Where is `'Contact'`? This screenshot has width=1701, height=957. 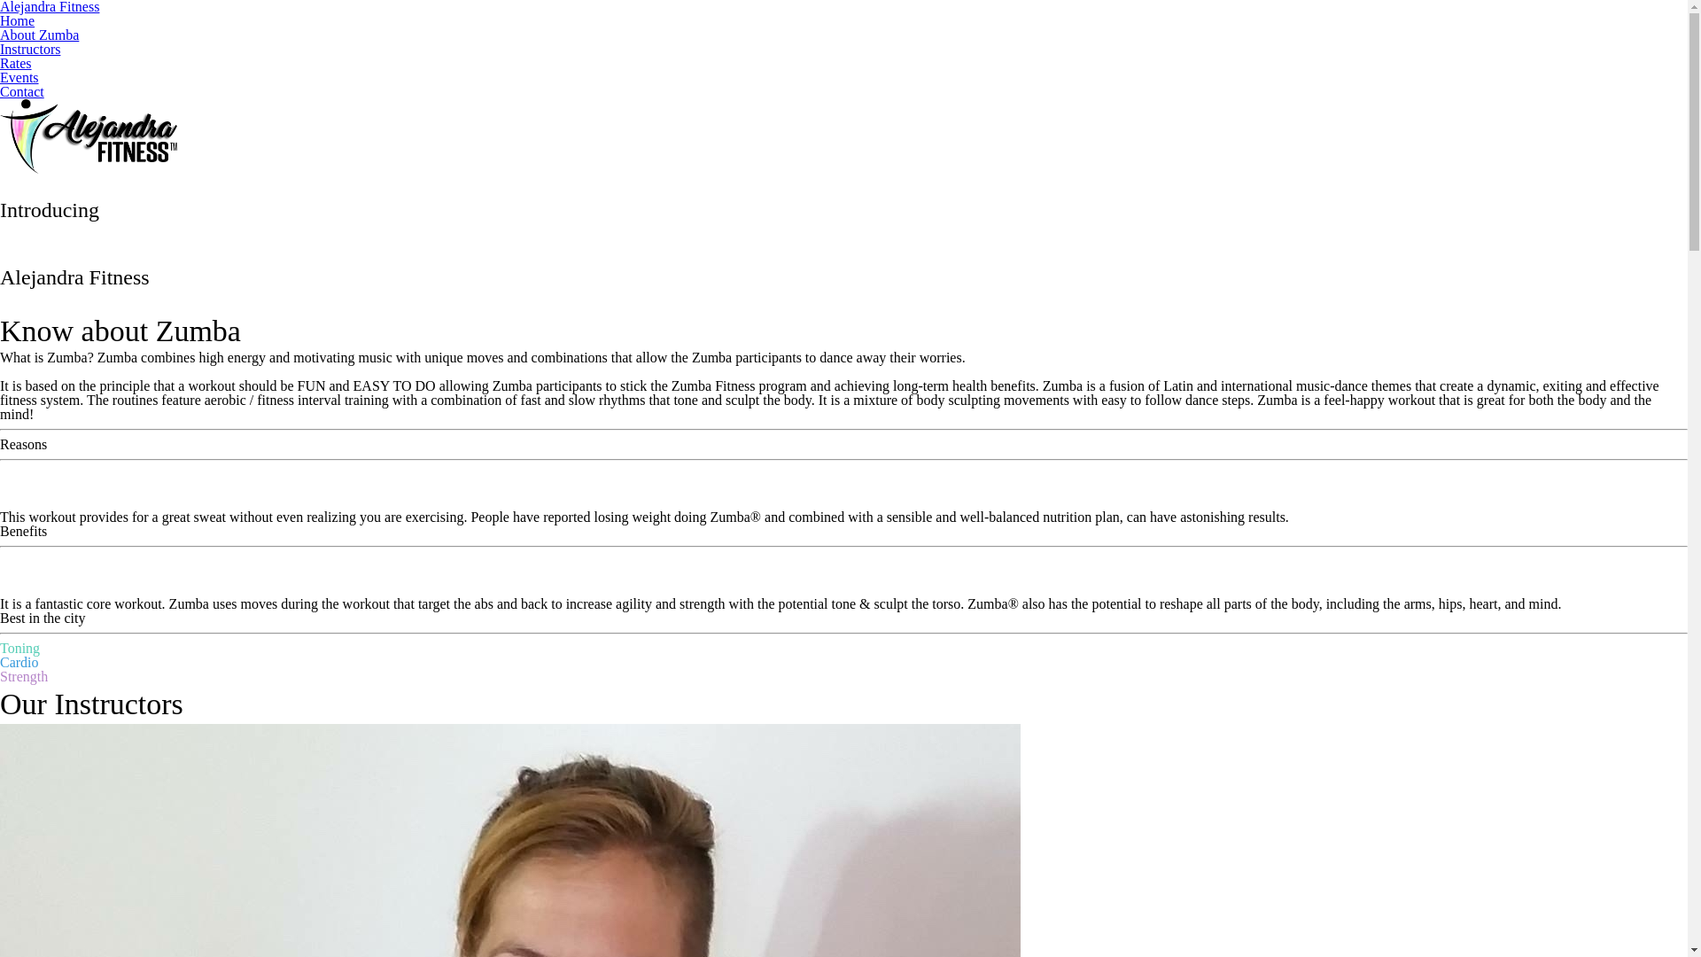 'Contact' is located at coordinates (21, 91).